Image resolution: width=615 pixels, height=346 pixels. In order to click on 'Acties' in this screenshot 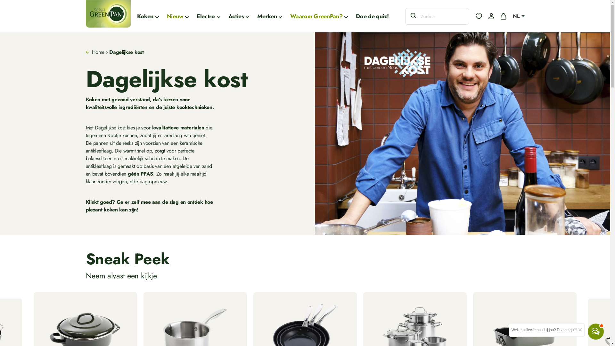, I will do `click(228, 16)`.